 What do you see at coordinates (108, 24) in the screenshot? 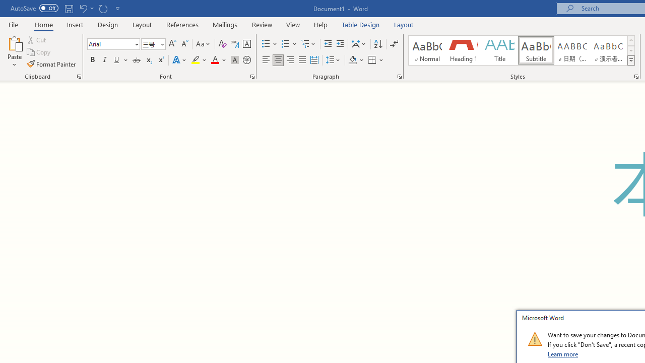
I see `'Design'` at bounding box center [108, 24].